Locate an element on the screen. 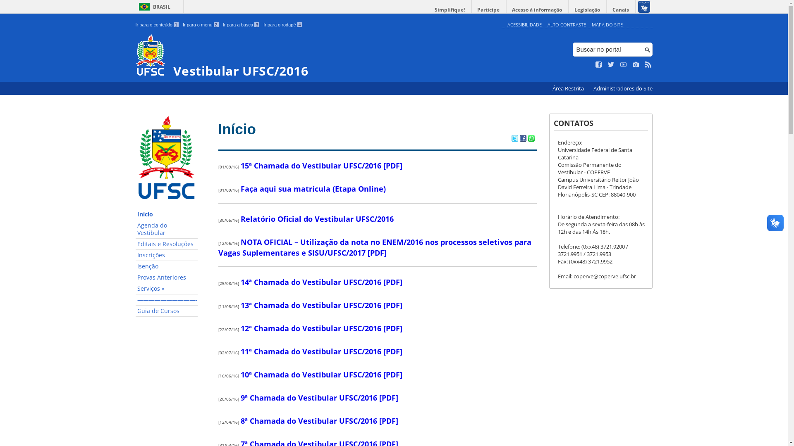  'Ir para a busca 3' is located at coordinates (241, 24).